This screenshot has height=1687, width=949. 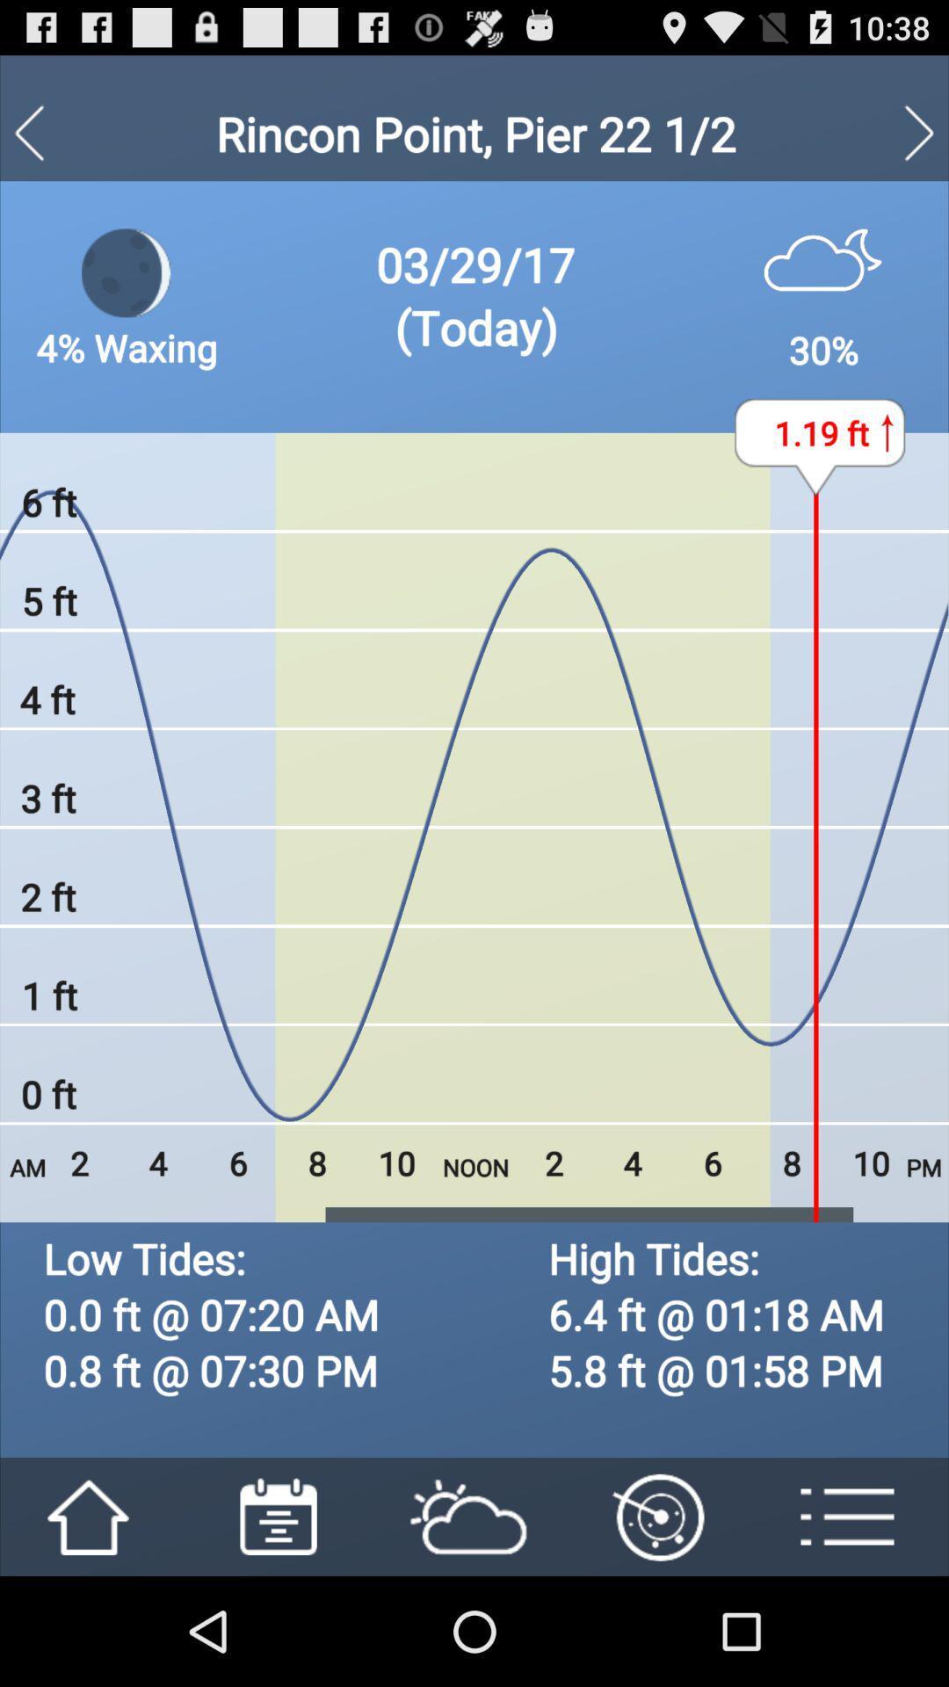 I want to click on the weather icon, so click(x=474, y=1474).